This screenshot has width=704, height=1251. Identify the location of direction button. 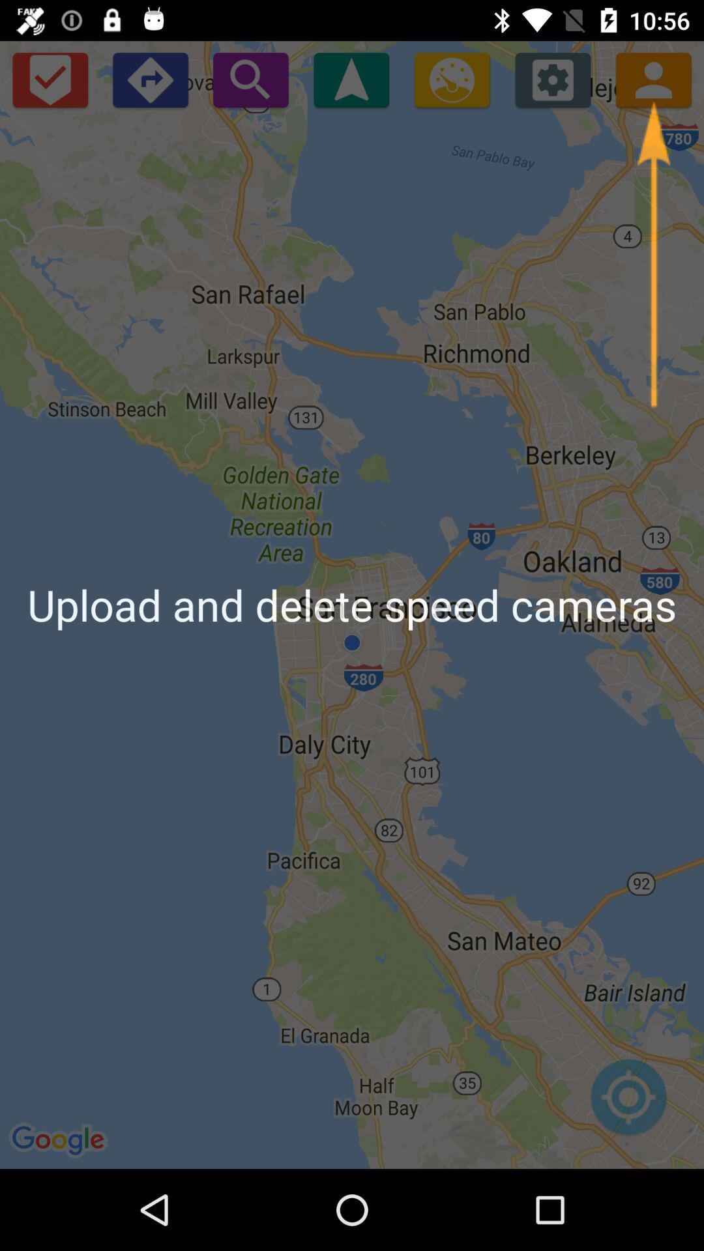
(149, 79).